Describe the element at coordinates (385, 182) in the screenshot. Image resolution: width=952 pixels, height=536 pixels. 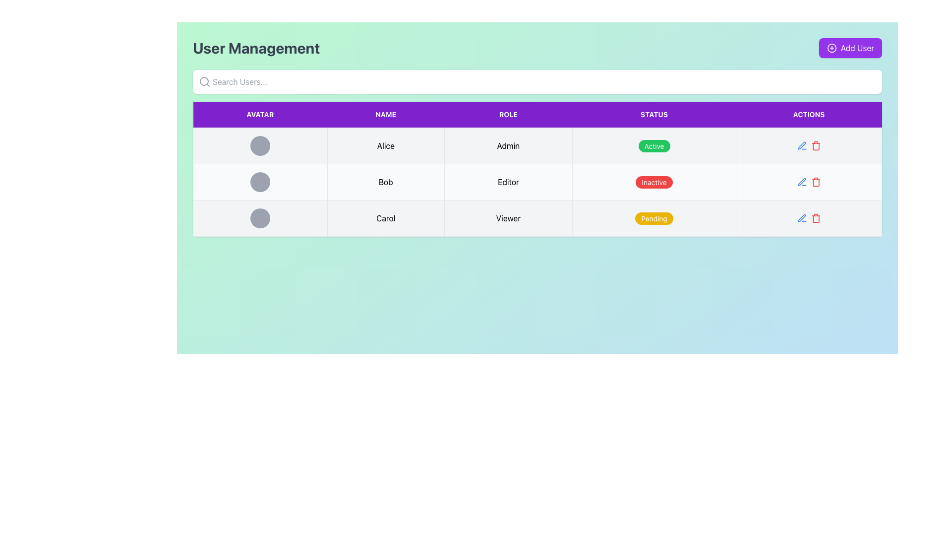
I see `the text label displaying the name 'Bob' located in the second row and second column of the user management interface table` at that location.